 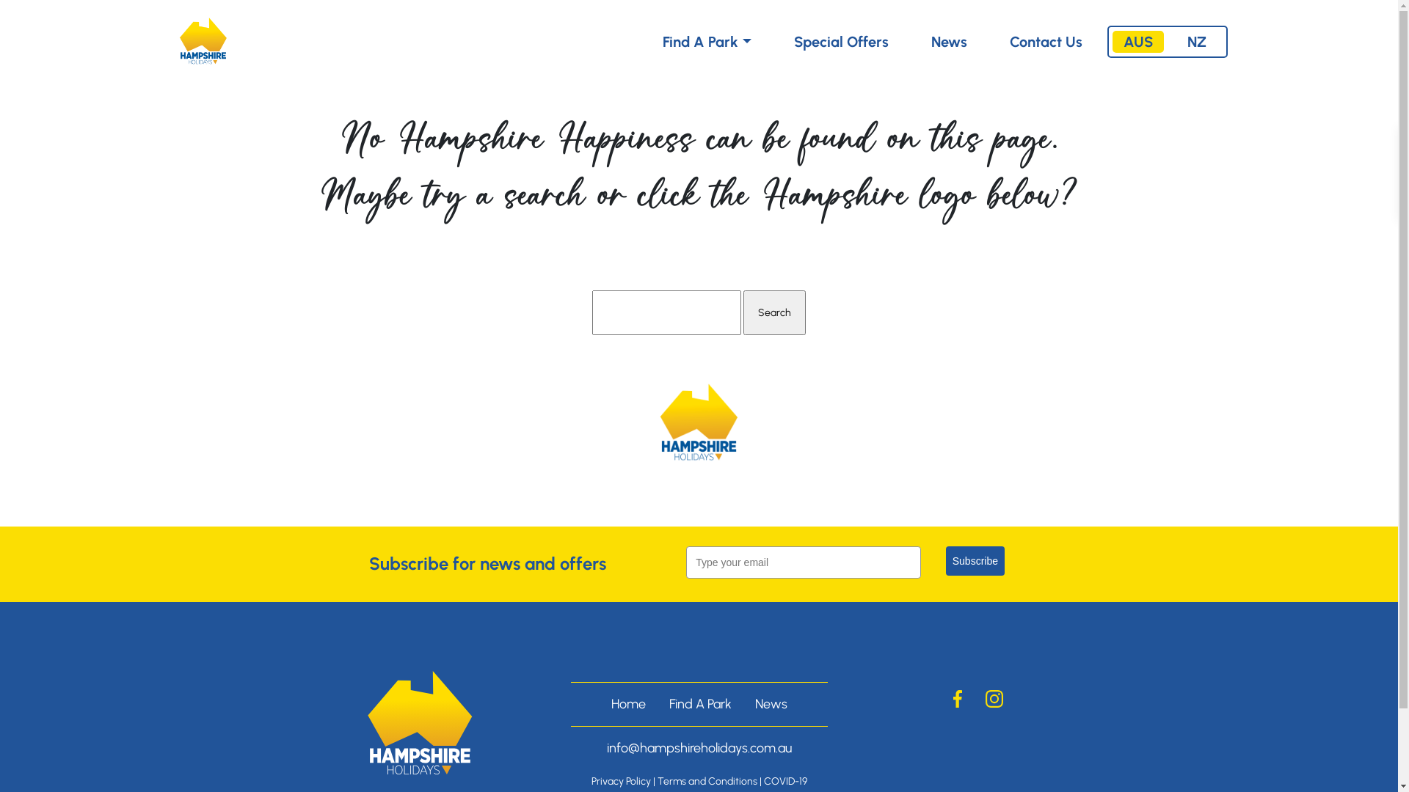 I want to click on '| COVID-19', so click(x=782, y=780).